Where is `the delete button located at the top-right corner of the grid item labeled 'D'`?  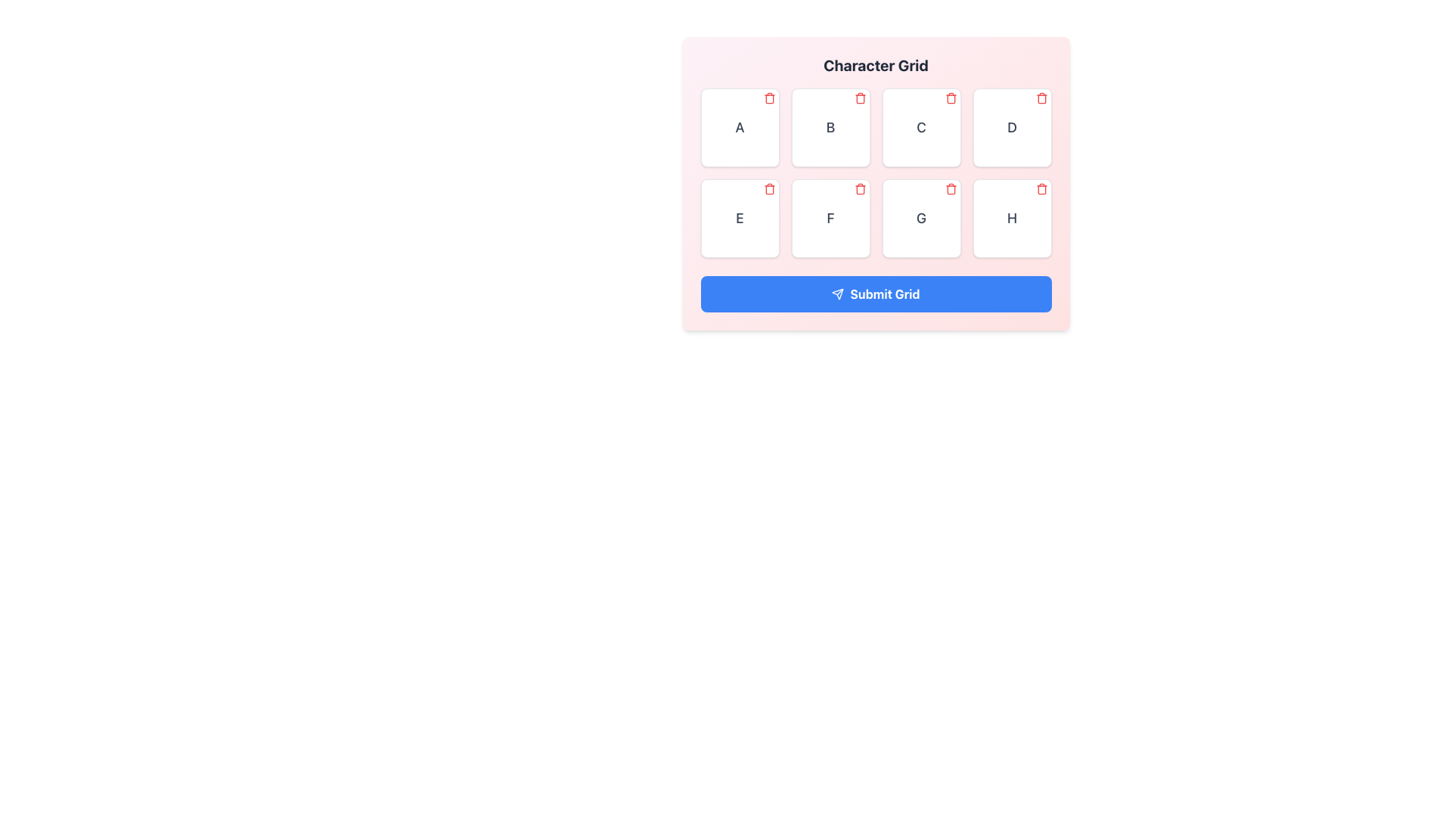 the delete button located at the top-right corner of the grid item labeled 'D' is located at coordinates (1041, 98).